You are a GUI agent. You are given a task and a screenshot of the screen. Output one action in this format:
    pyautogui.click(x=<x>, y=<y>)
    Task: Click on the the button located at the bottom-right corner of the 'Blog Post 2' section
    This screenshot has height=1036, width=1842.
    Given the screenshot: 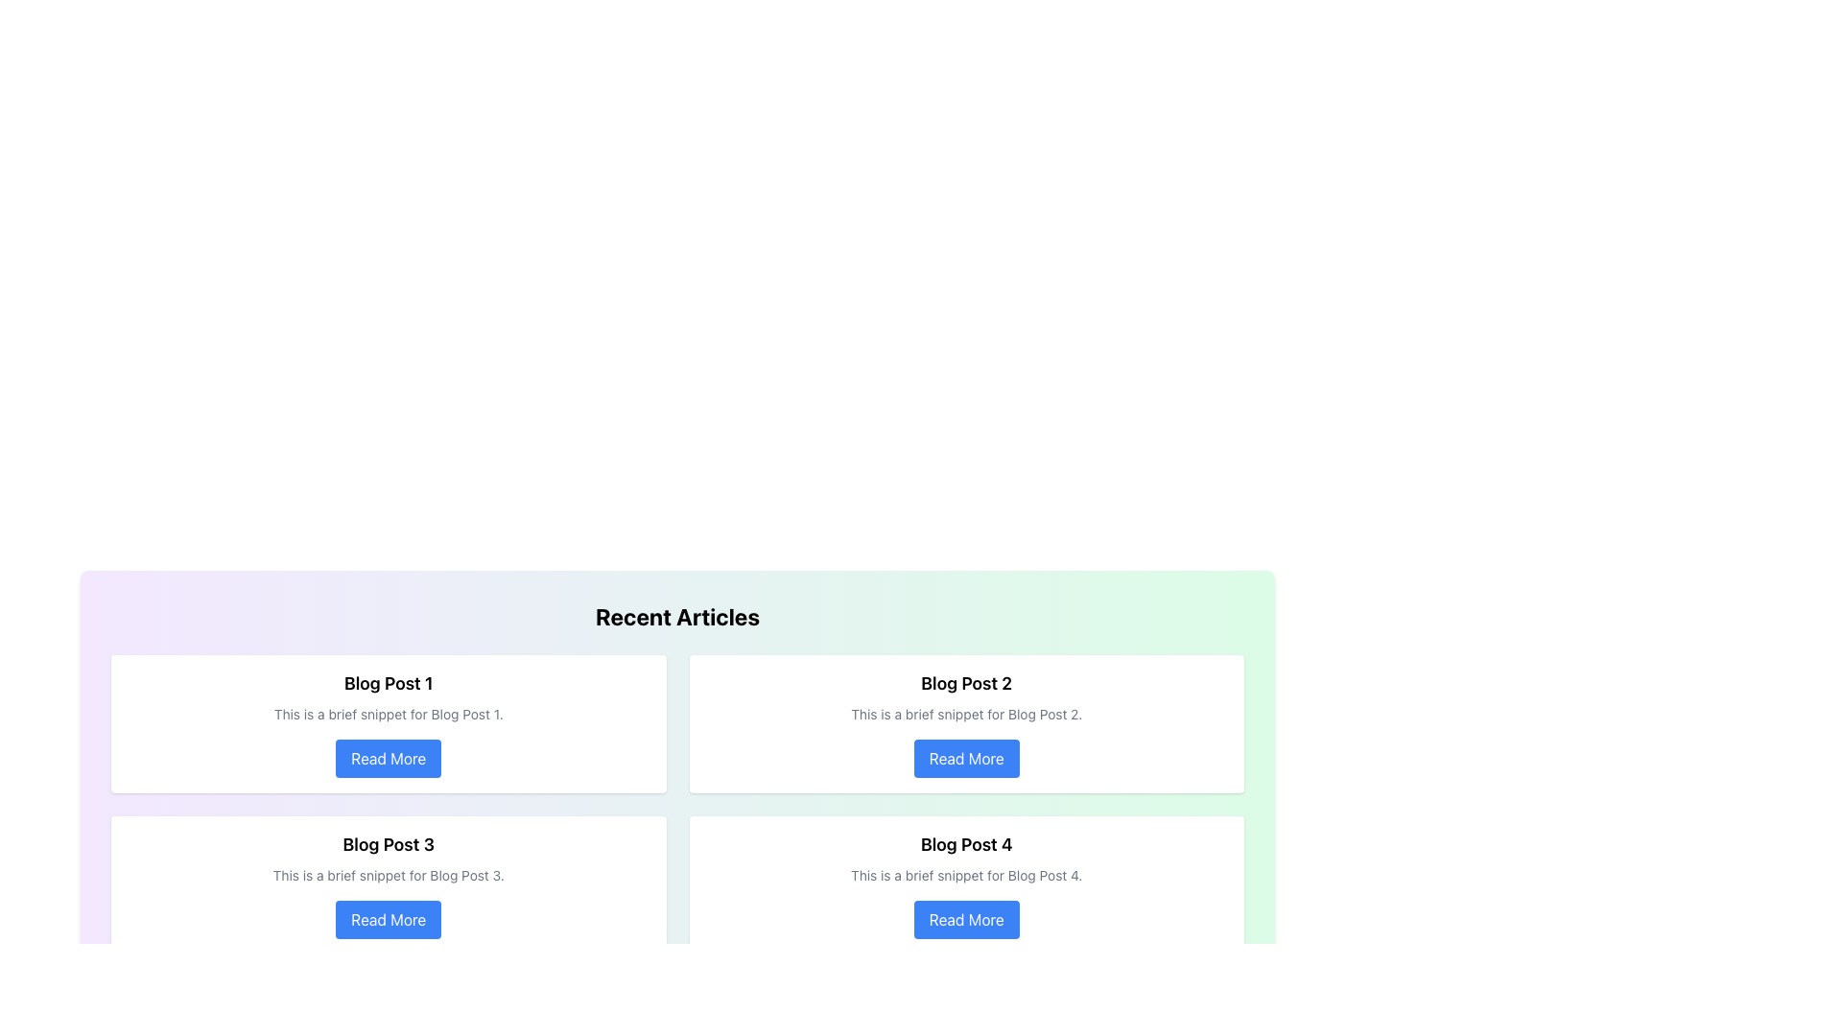 What is the action you would take?
    pyautogui.click(x=966, y=757)
    